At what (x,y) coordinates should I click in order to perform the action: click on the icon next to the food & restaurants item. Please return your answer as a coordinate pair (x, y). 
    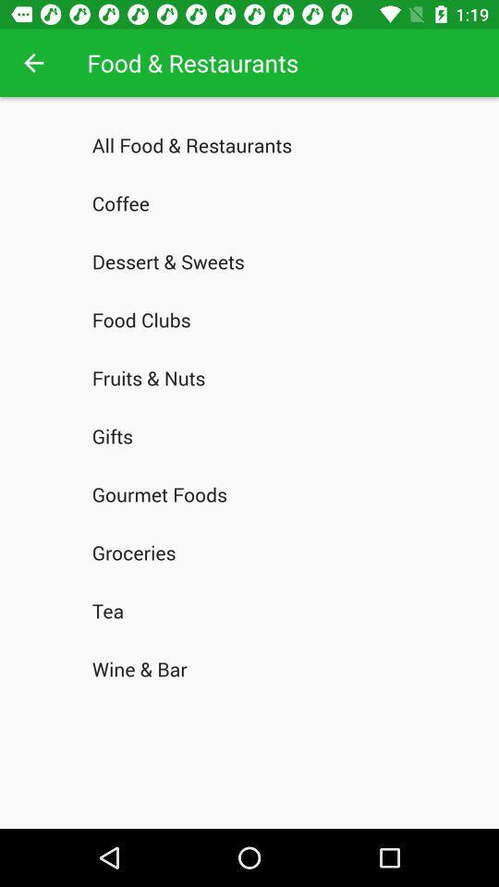
    Looking at the image, I should click on (33, 63).